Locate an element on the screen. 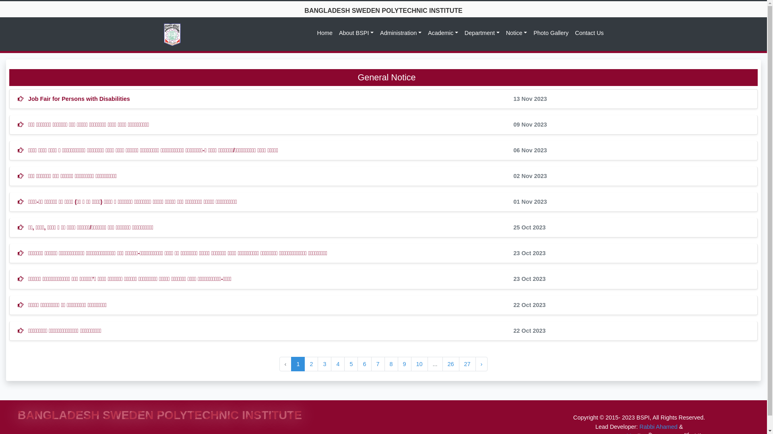 Image resolution: width=773 pixels, height=434 pixels. '27' is located at coordinates (467, 364).